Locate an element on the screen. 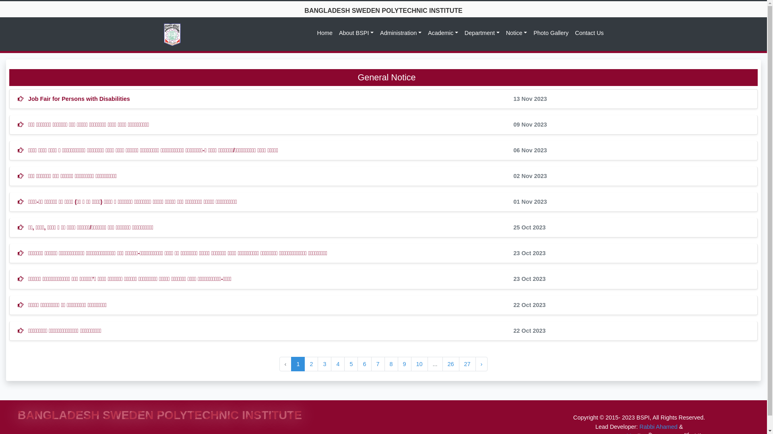 Image resolution: width=773 pixels, height=434 pixels. '27' is located at coordinates (467, 364).